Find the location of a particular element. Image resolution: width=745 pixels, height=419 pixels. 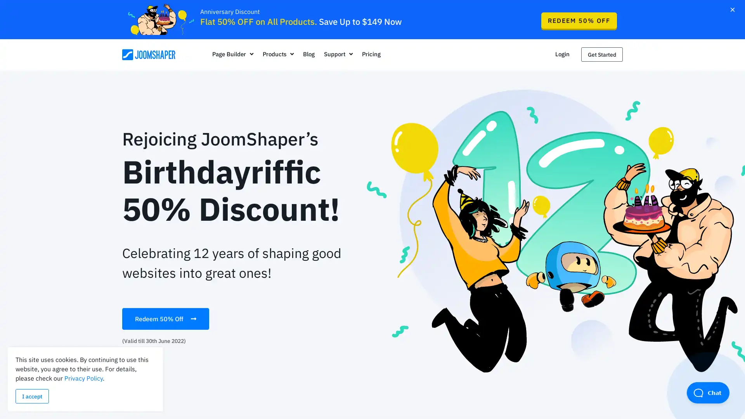

Close is located at coordinates (732, 9).